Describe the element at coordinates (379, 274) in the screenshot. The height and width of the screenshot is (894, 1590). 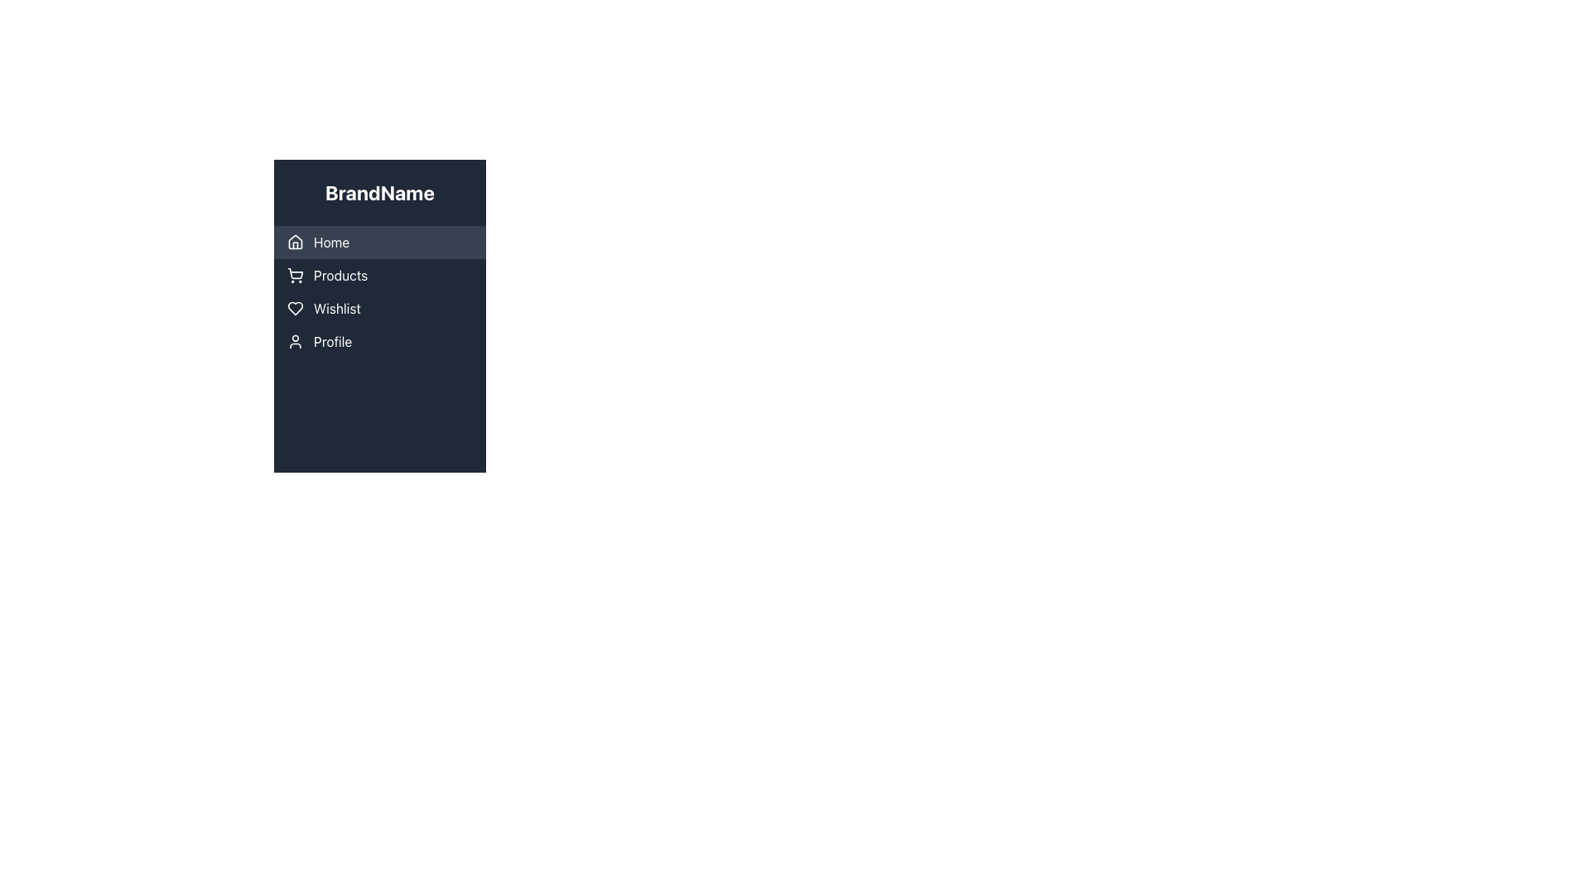
I see `the 'Products' button in the vertical navigation menu` at that location.